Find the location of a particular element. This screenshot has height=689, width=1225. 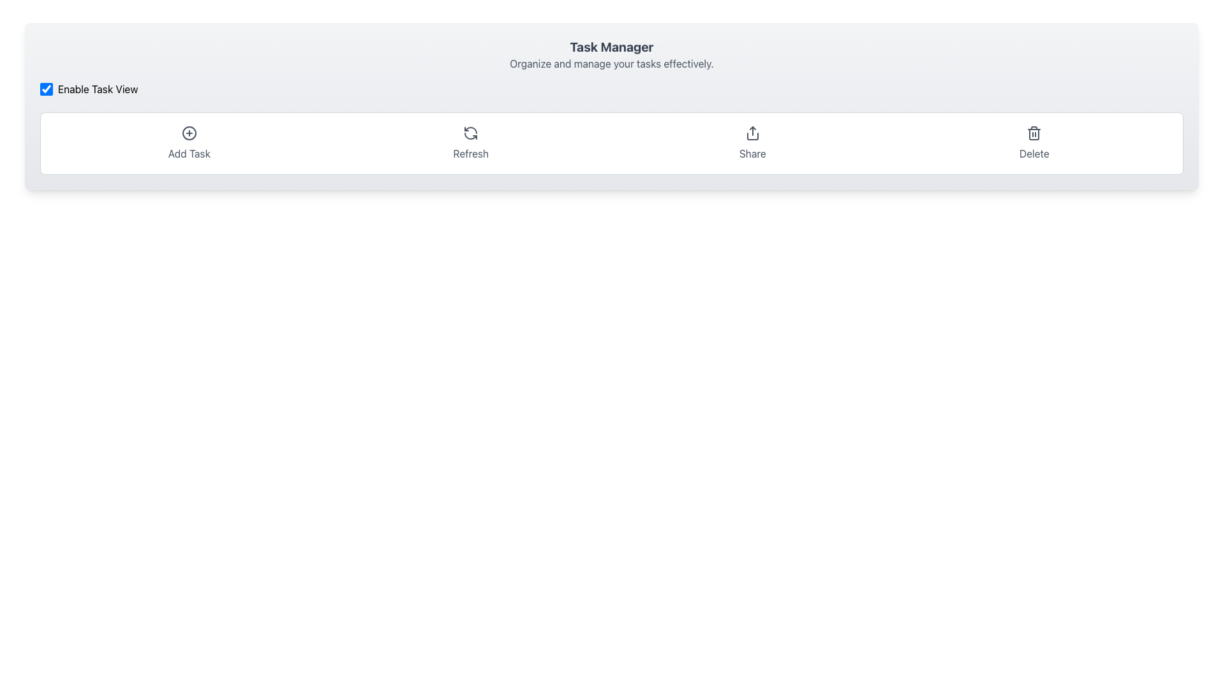

the checkbox with a blue background and white checkmark is located at coordinates (46, 88).